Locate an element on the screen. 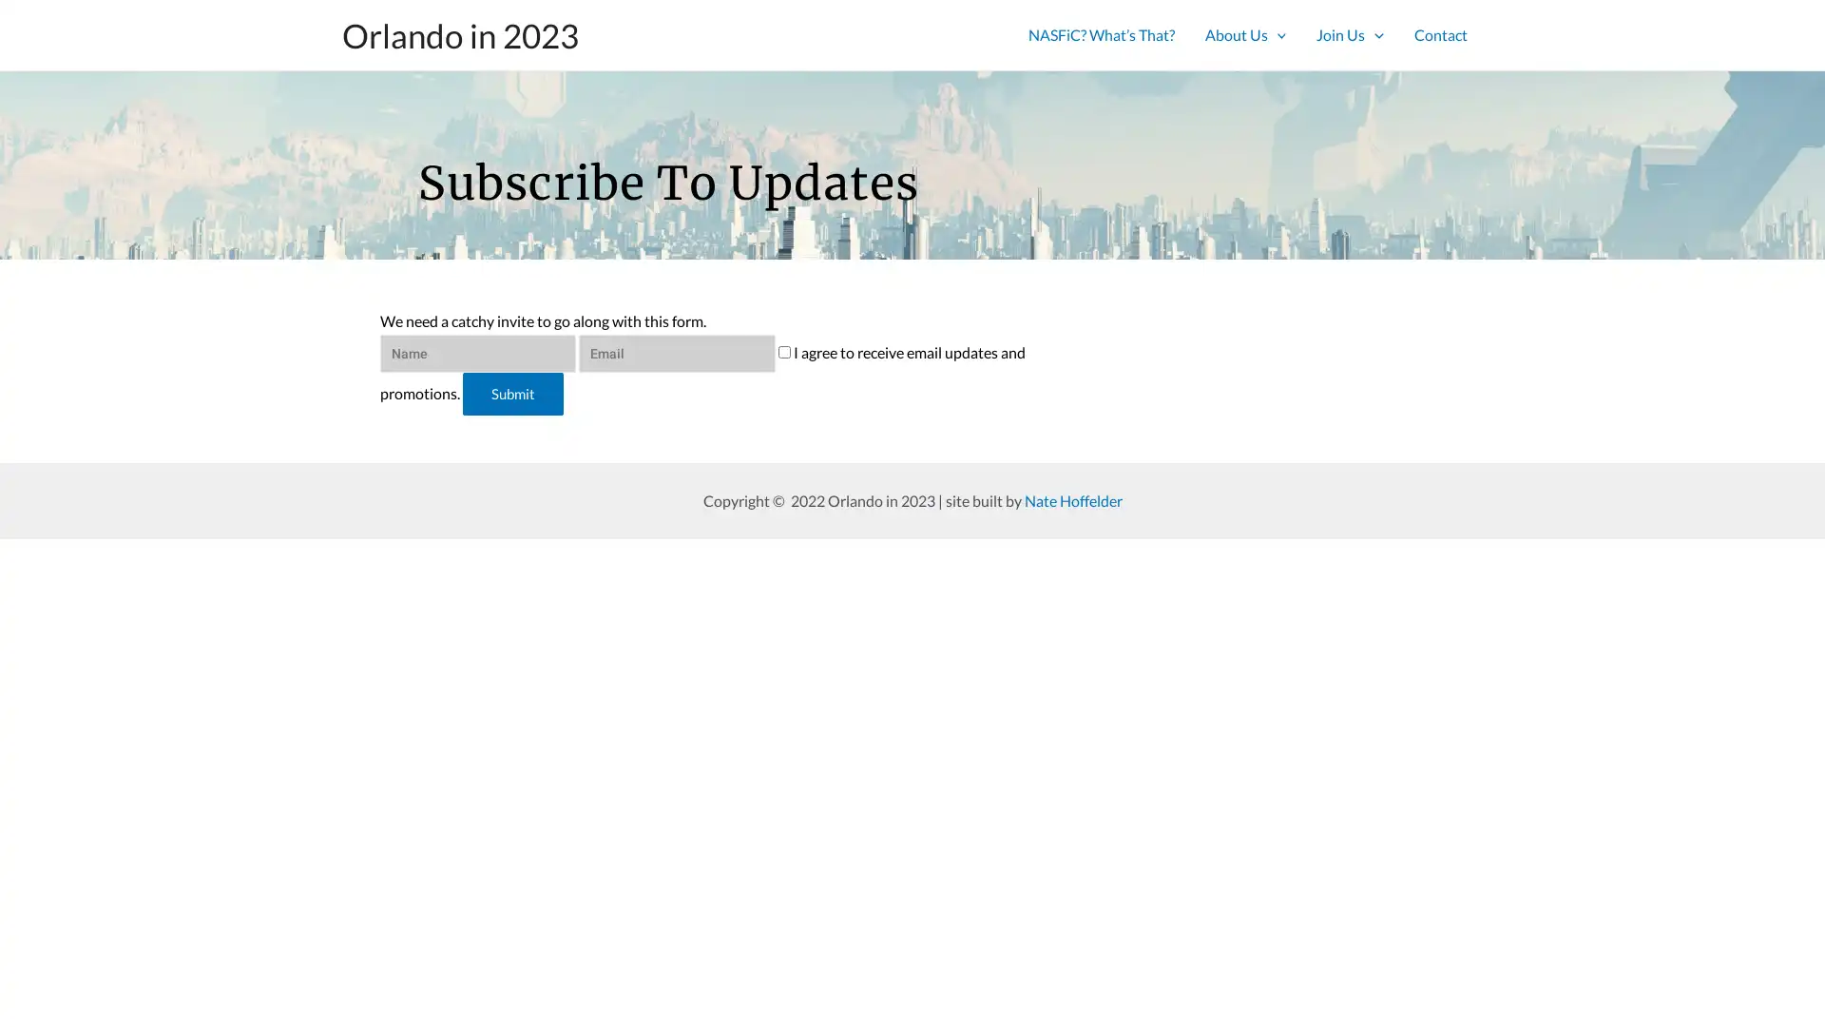  Submit is located at coordinates (512, 395).